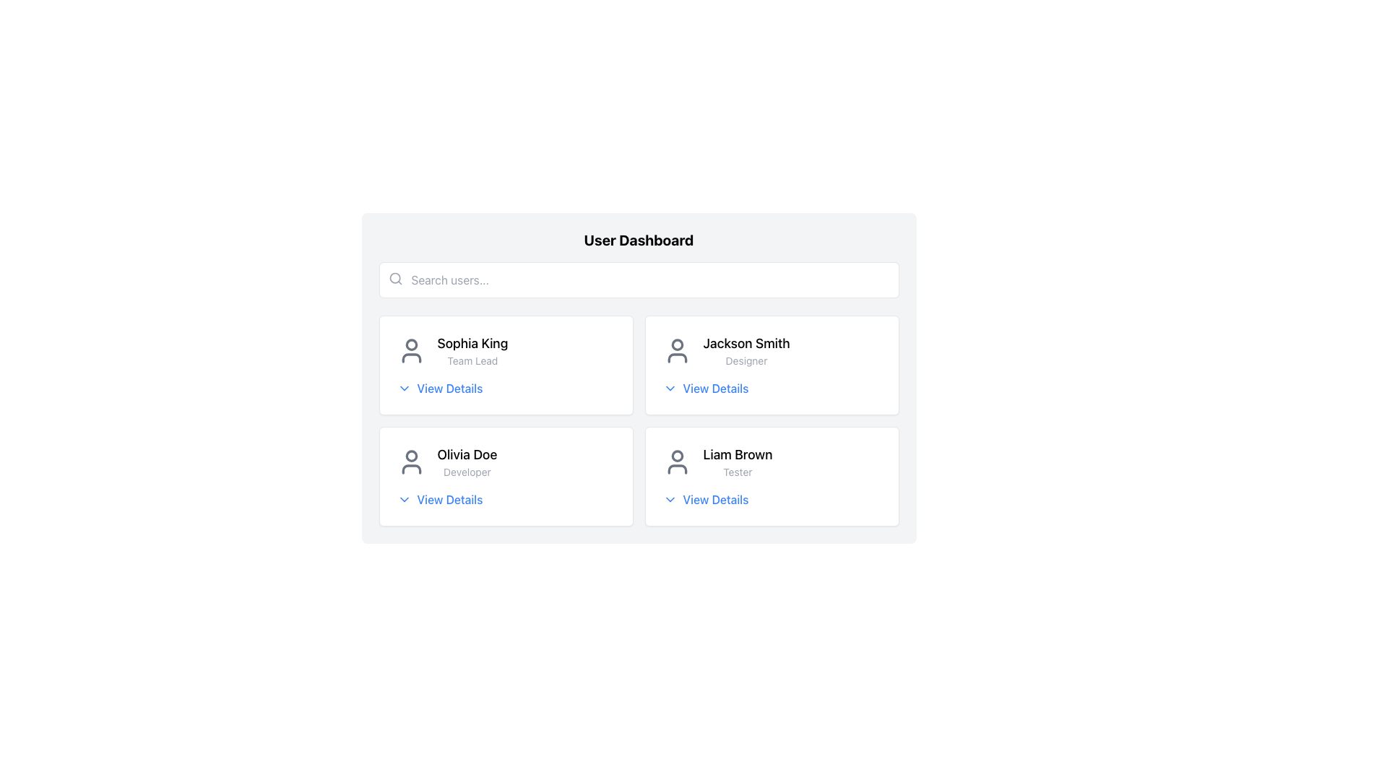 The height and width of the screenshot is (780, 1387). Describe the element at coordinates (771, 351) in the screenshot. I see `the text label that identifies the user in the dashboard, located in the second card on the top right section of the layout grid, above the 'View Details' element` at that location.